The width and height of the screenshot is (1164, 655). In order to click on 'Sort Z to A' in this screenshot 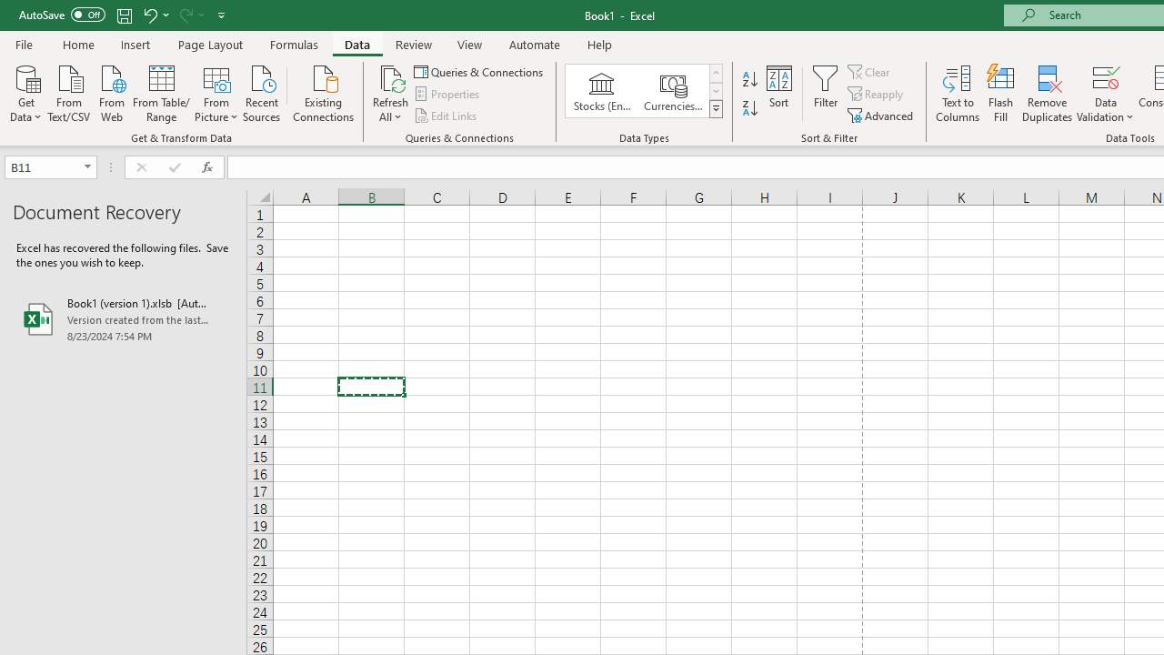, I will do `click(749, 108)`.